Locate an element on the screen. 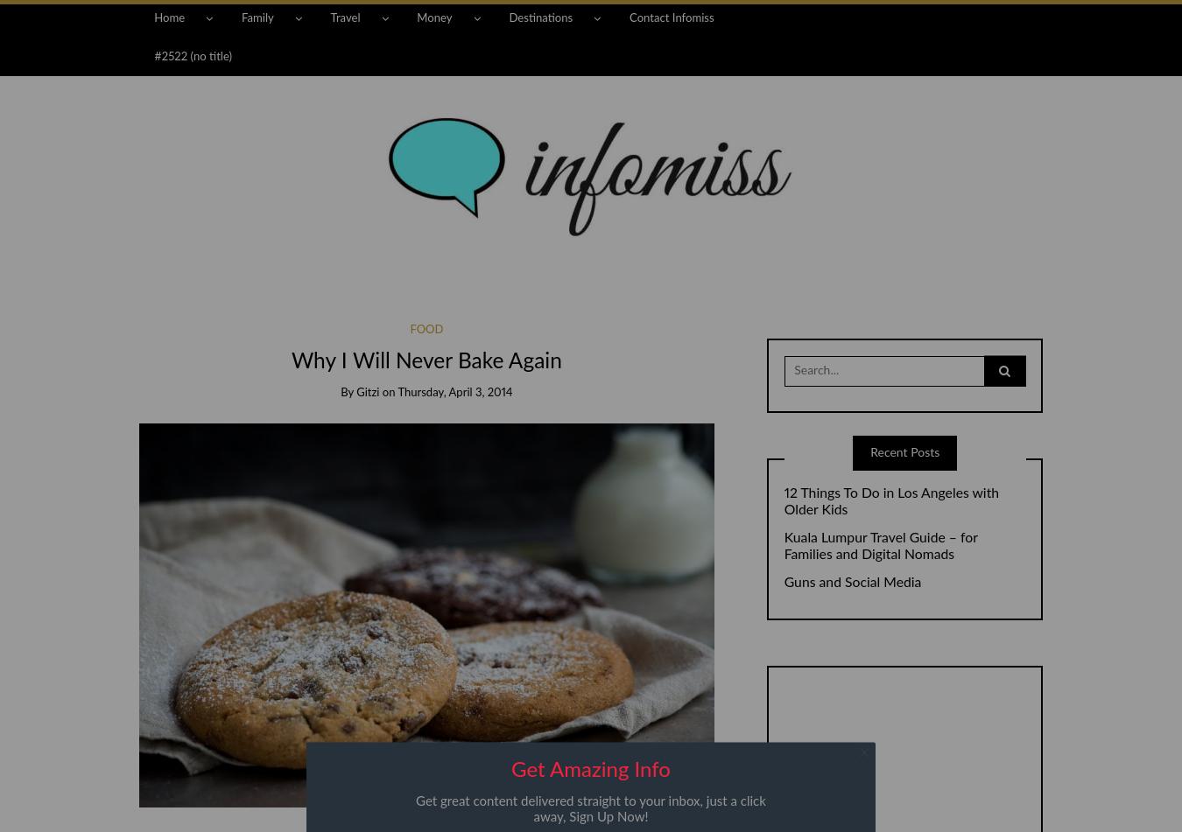 This screenshot has width=1182, height=832. 'Kuala Lumpur Travel Guide – for Families and Digital Nomads' is located at coordinates (879, 545).